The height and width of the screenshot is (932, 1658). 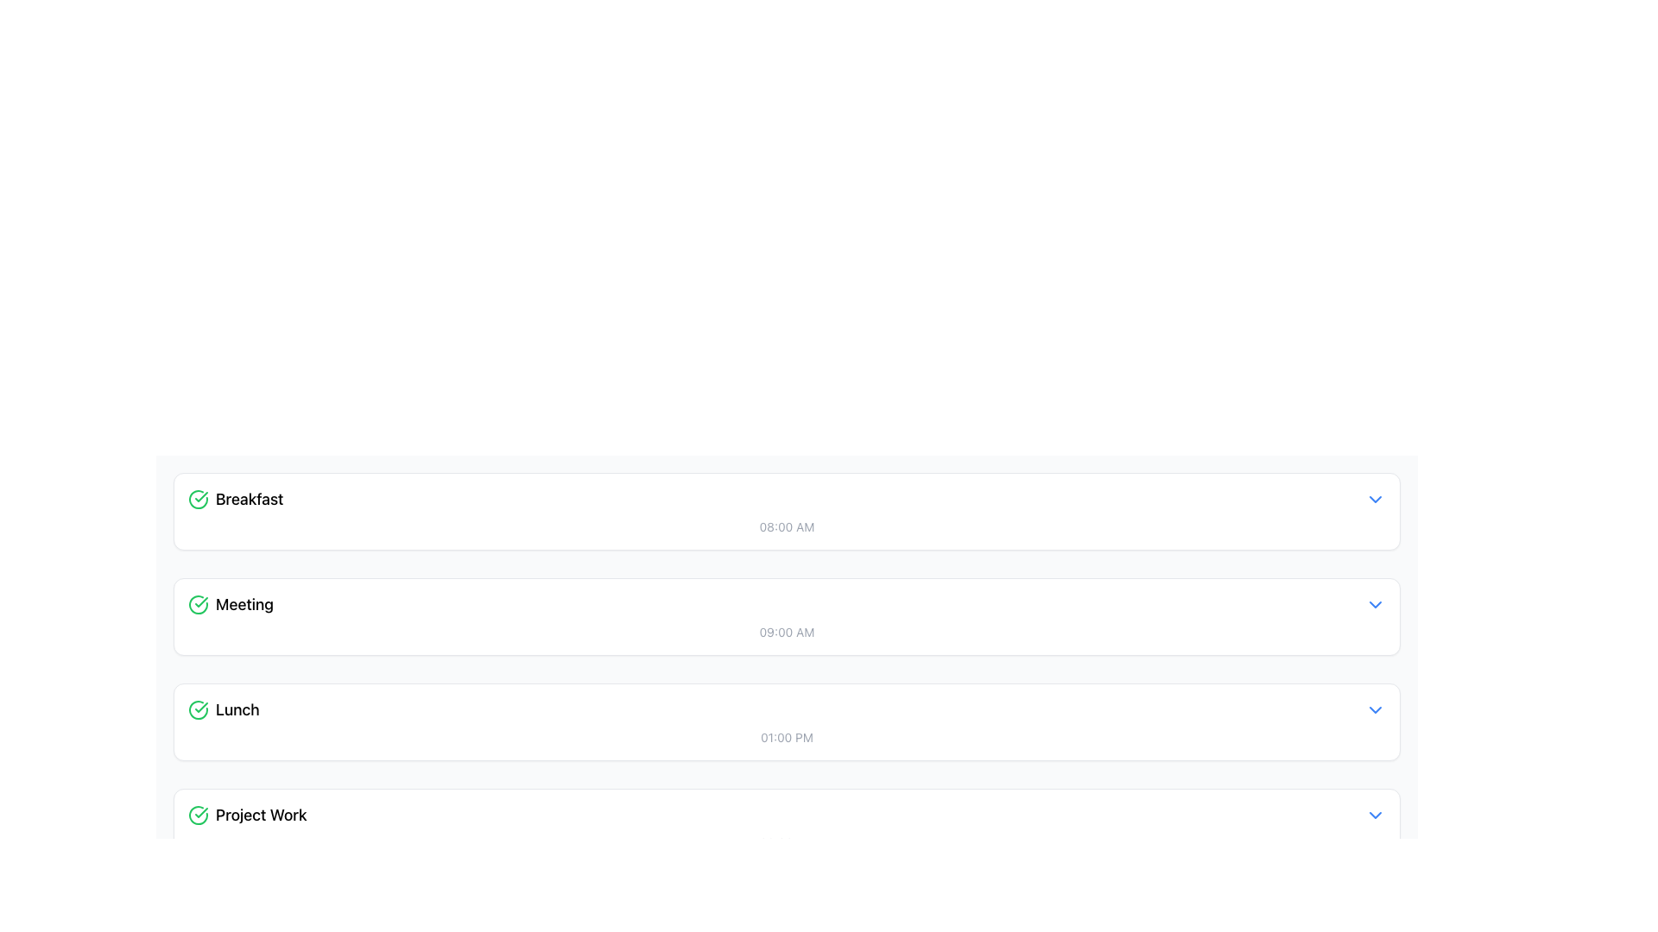 What do you see at coordinates (199, 499) in the screenshot?
I see `the green checkmark icon that indicates the completion status of the 'Breakfast' task` at bounding box center [199, 499].